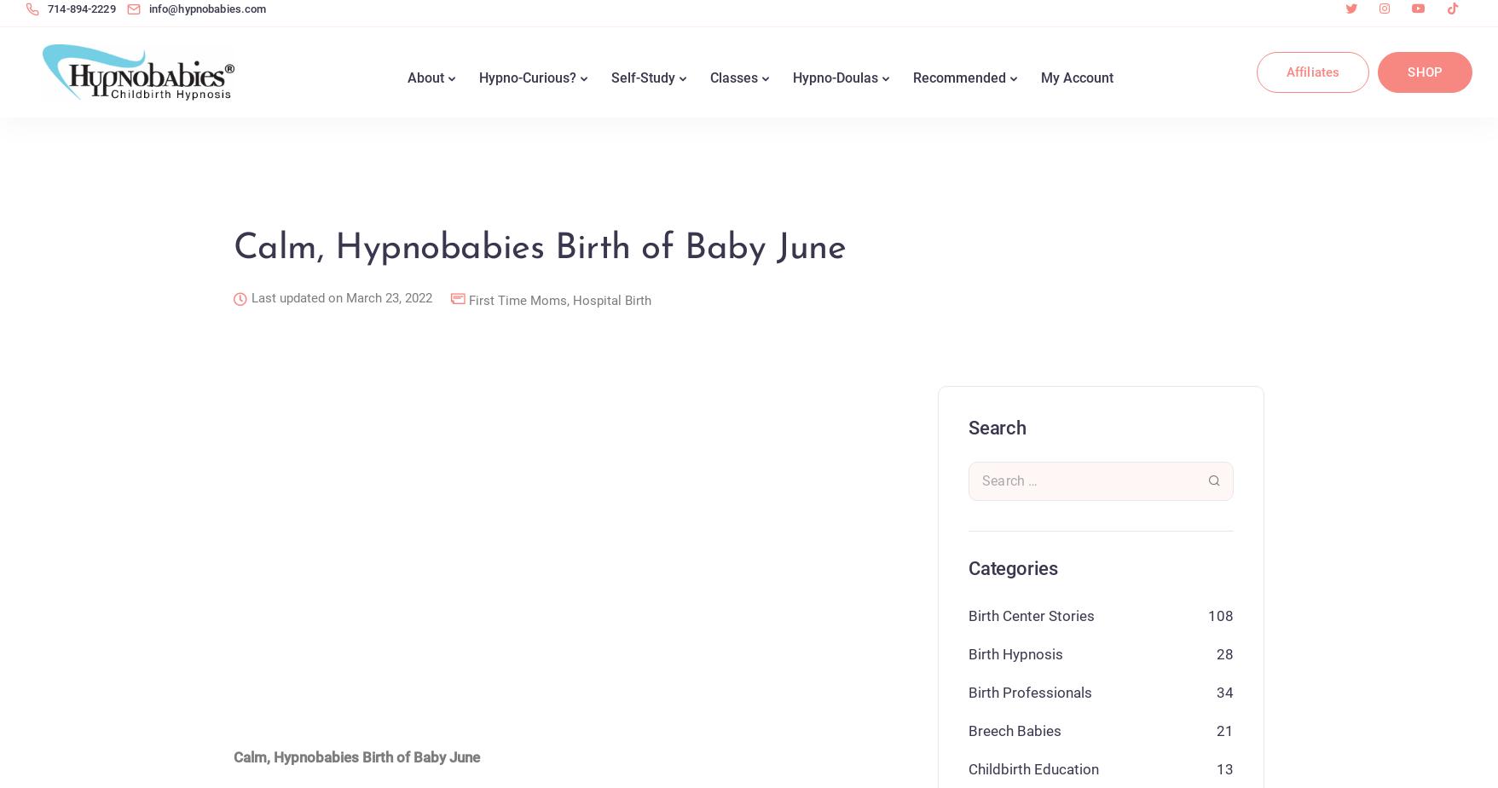 The image size is (1498, 788). Describe the element at coordinates (779, 483) in the screenshot. I see `'Hypnobabies Instructor Testimonials'` at that location.